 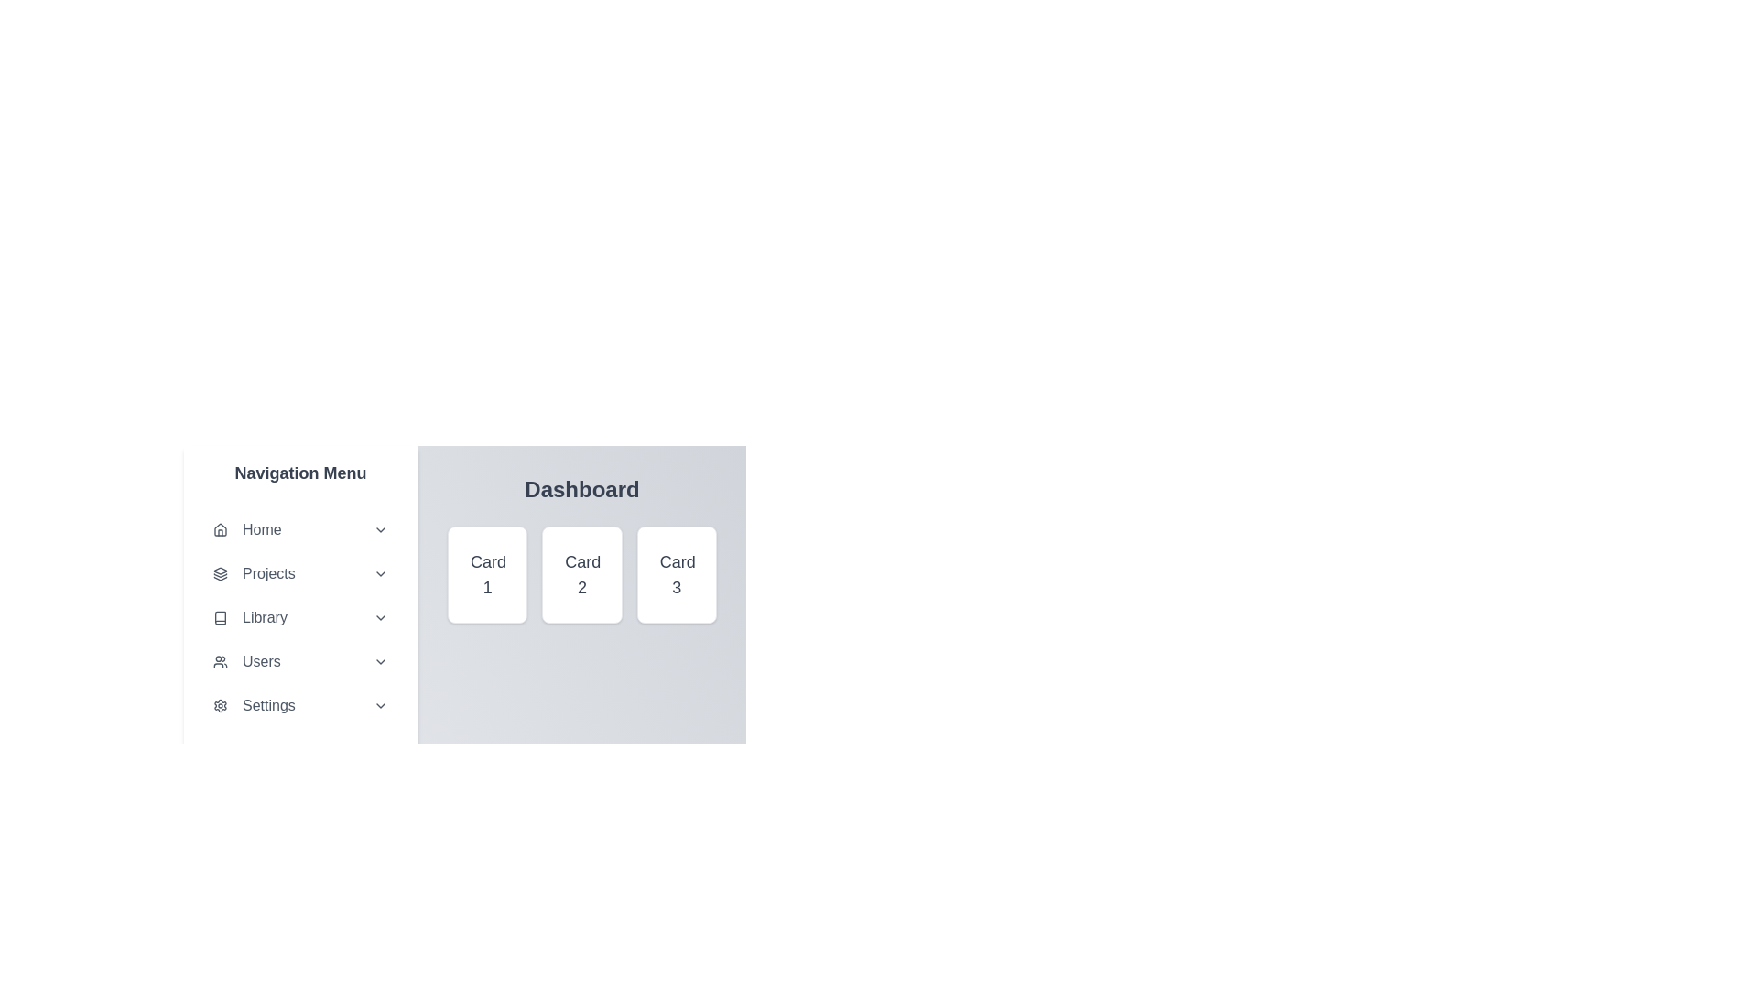 I want to click on the chevron icon located at the top right corner of the 'Home' navigation entry, so click(x=380, y=529).